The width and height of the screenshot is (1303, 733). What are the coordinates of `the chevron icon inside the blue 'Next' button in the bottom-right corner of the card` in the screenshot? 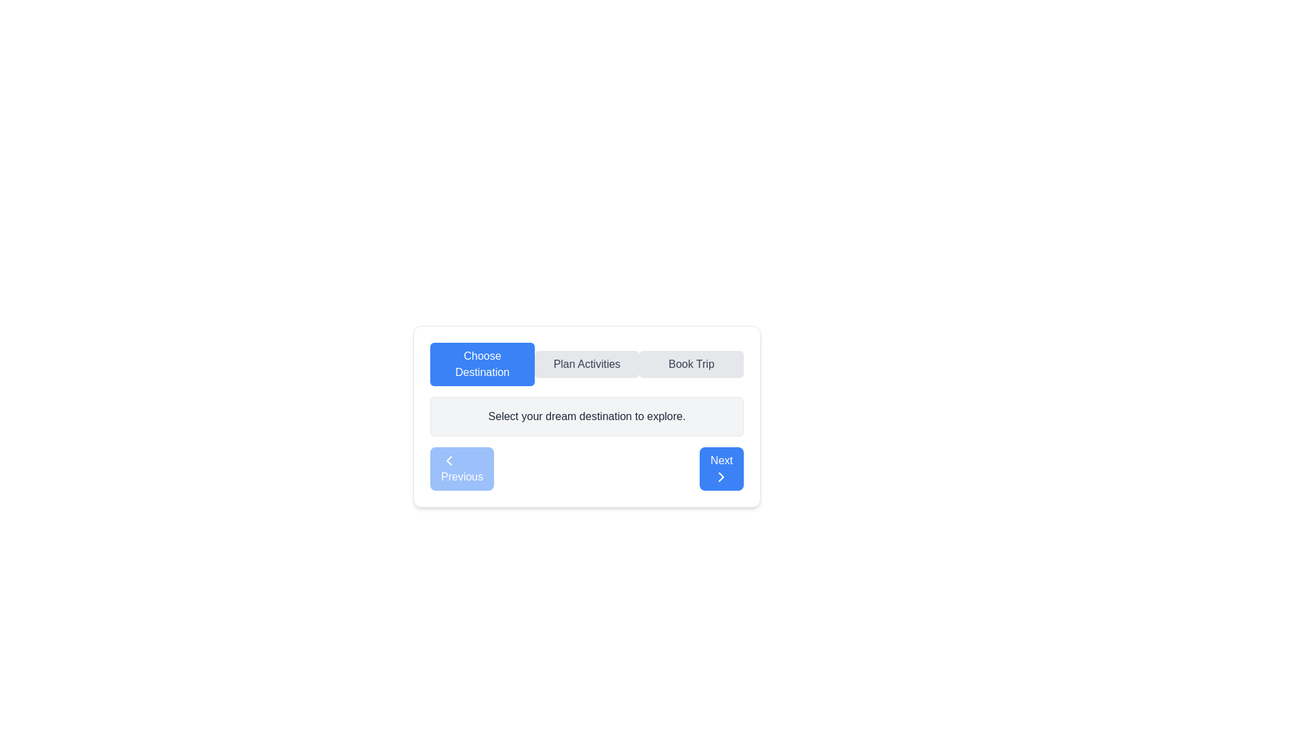 It's located at (721, 476).